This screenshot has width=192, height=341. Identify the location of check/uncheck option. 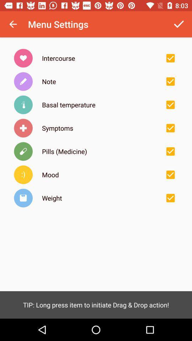
(170, 198).